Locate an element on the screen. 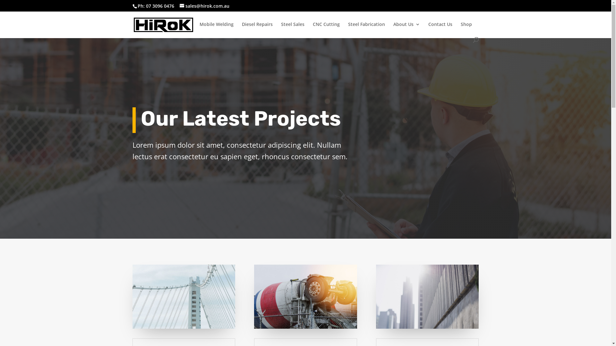  'About Us' is located at coordinates (406, 29).